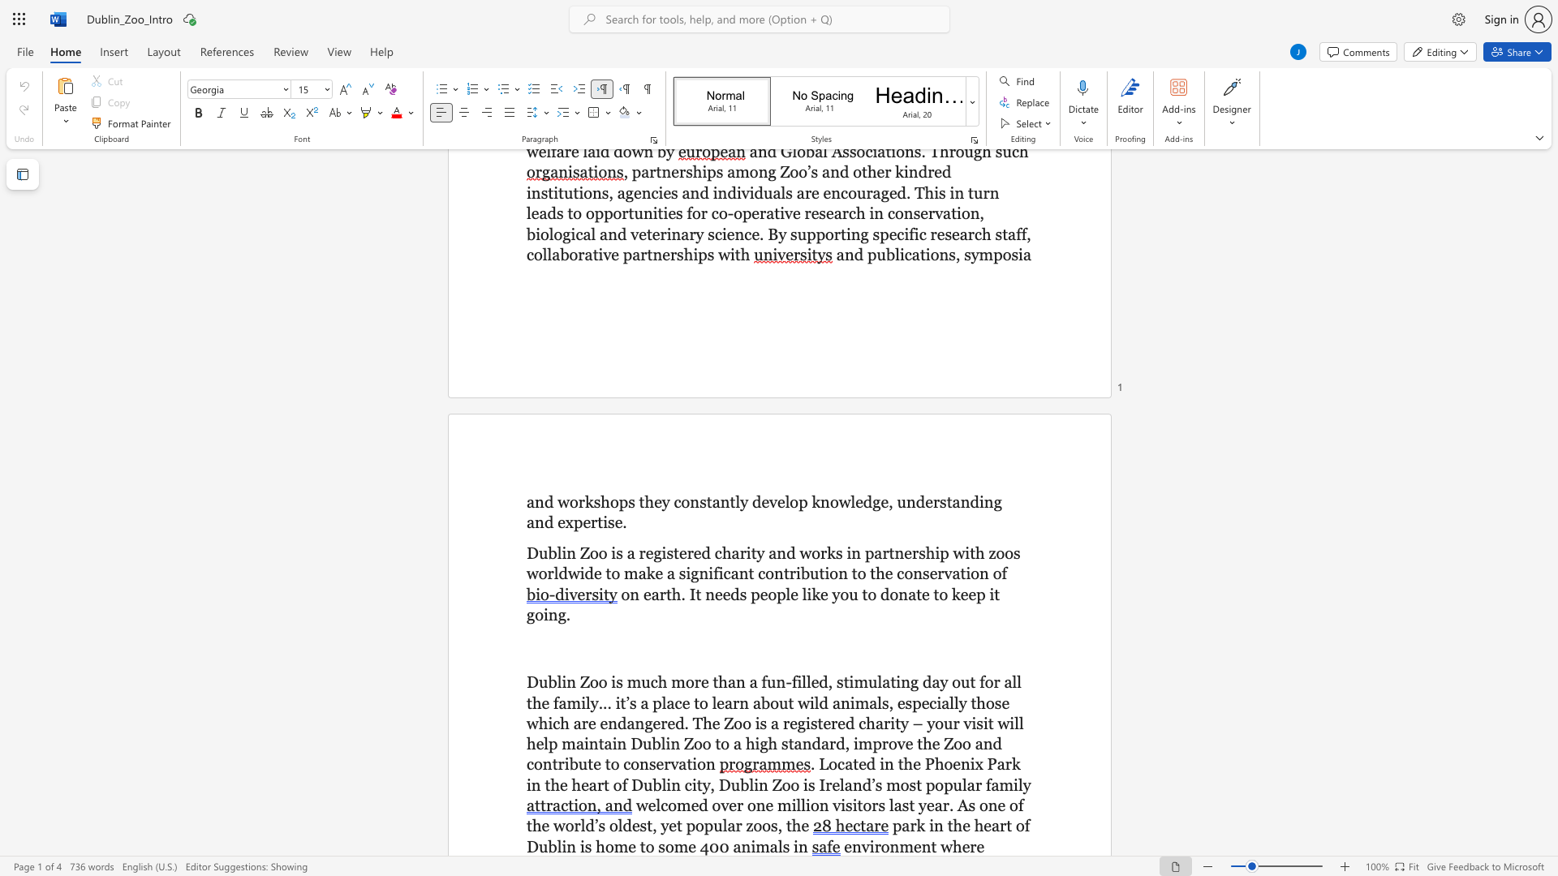 This screenshot has width=1558, height=876. I want to click on the subset text "they constantly" within the text "and workshops they constantly develo", so click(638, 500).